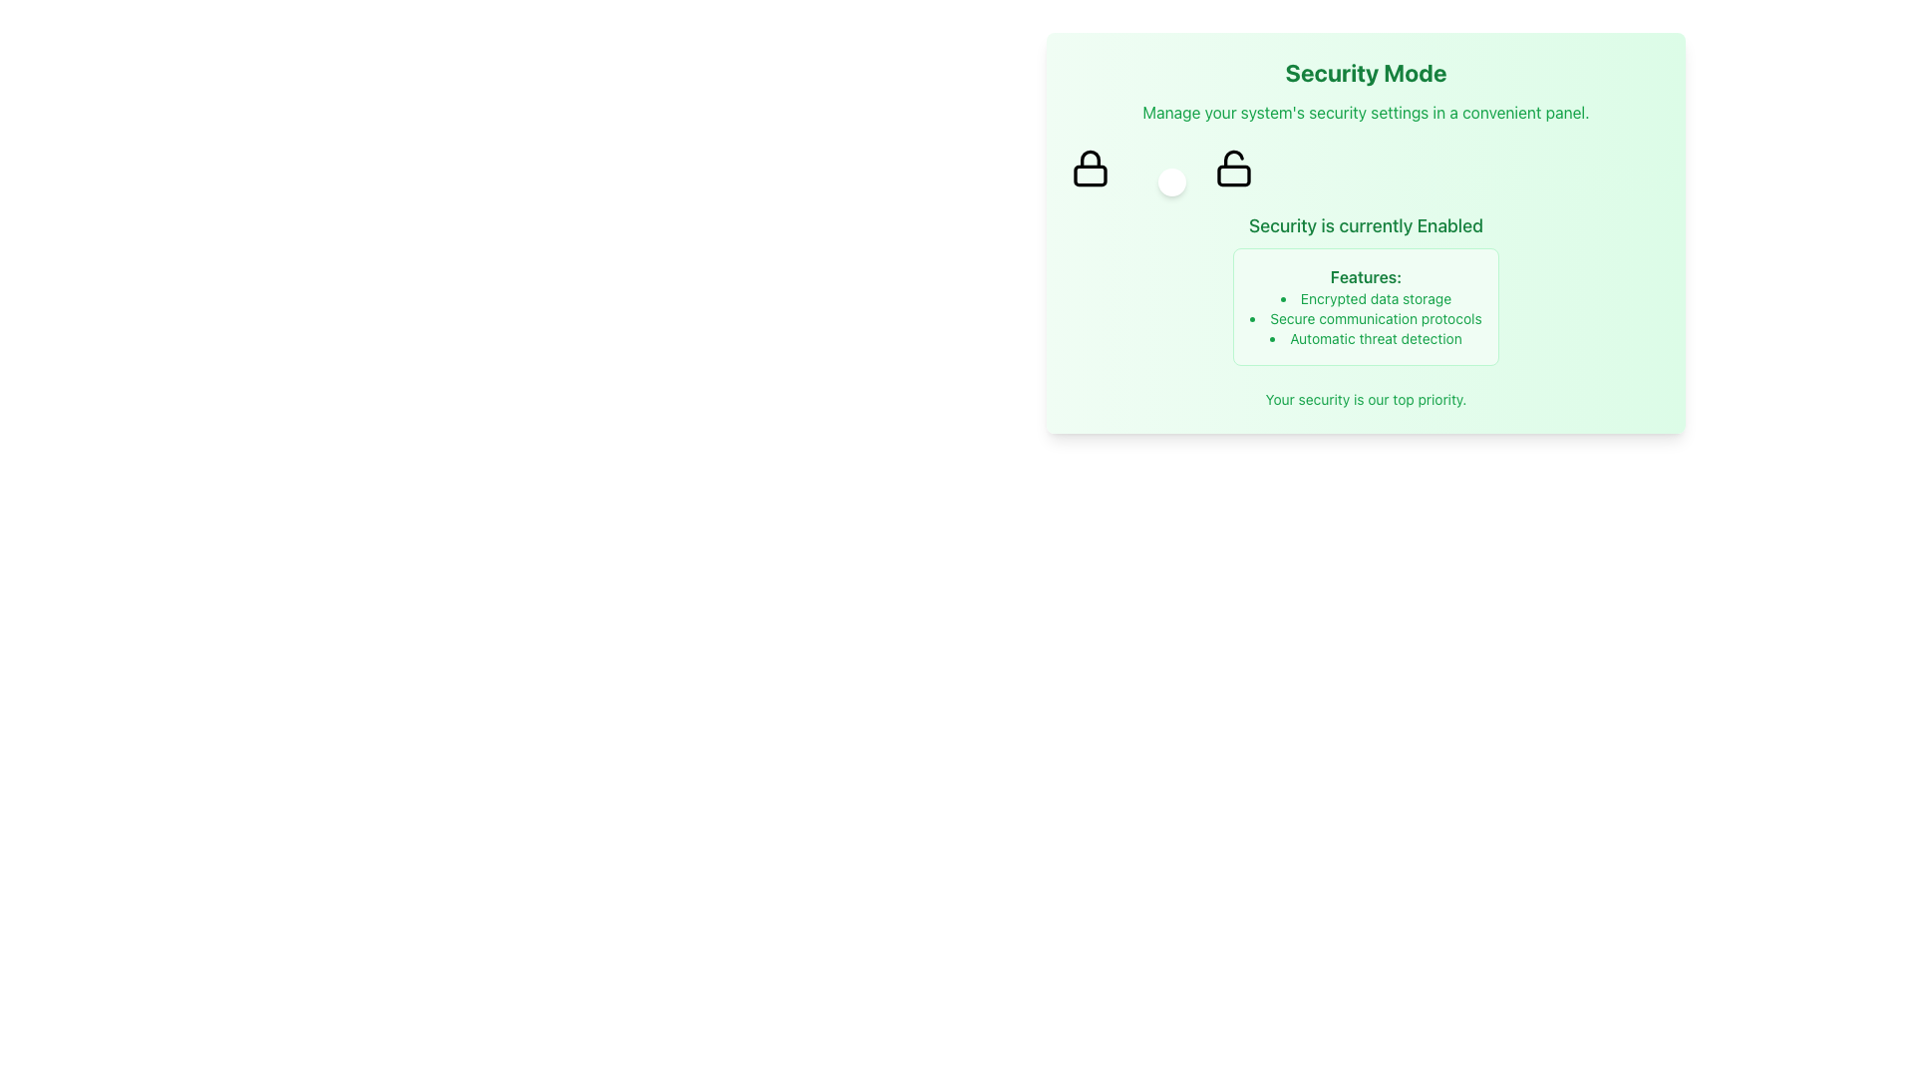 The image size is (1914, 1077). What do you see at coordinates (1365, 225) in the screenshot?
I see `the Static Text Label displaying 'Security is currently Enabled', which is styled in prominent green and located in the upper-right portion of the interface` at bounding box center [1365, 225].